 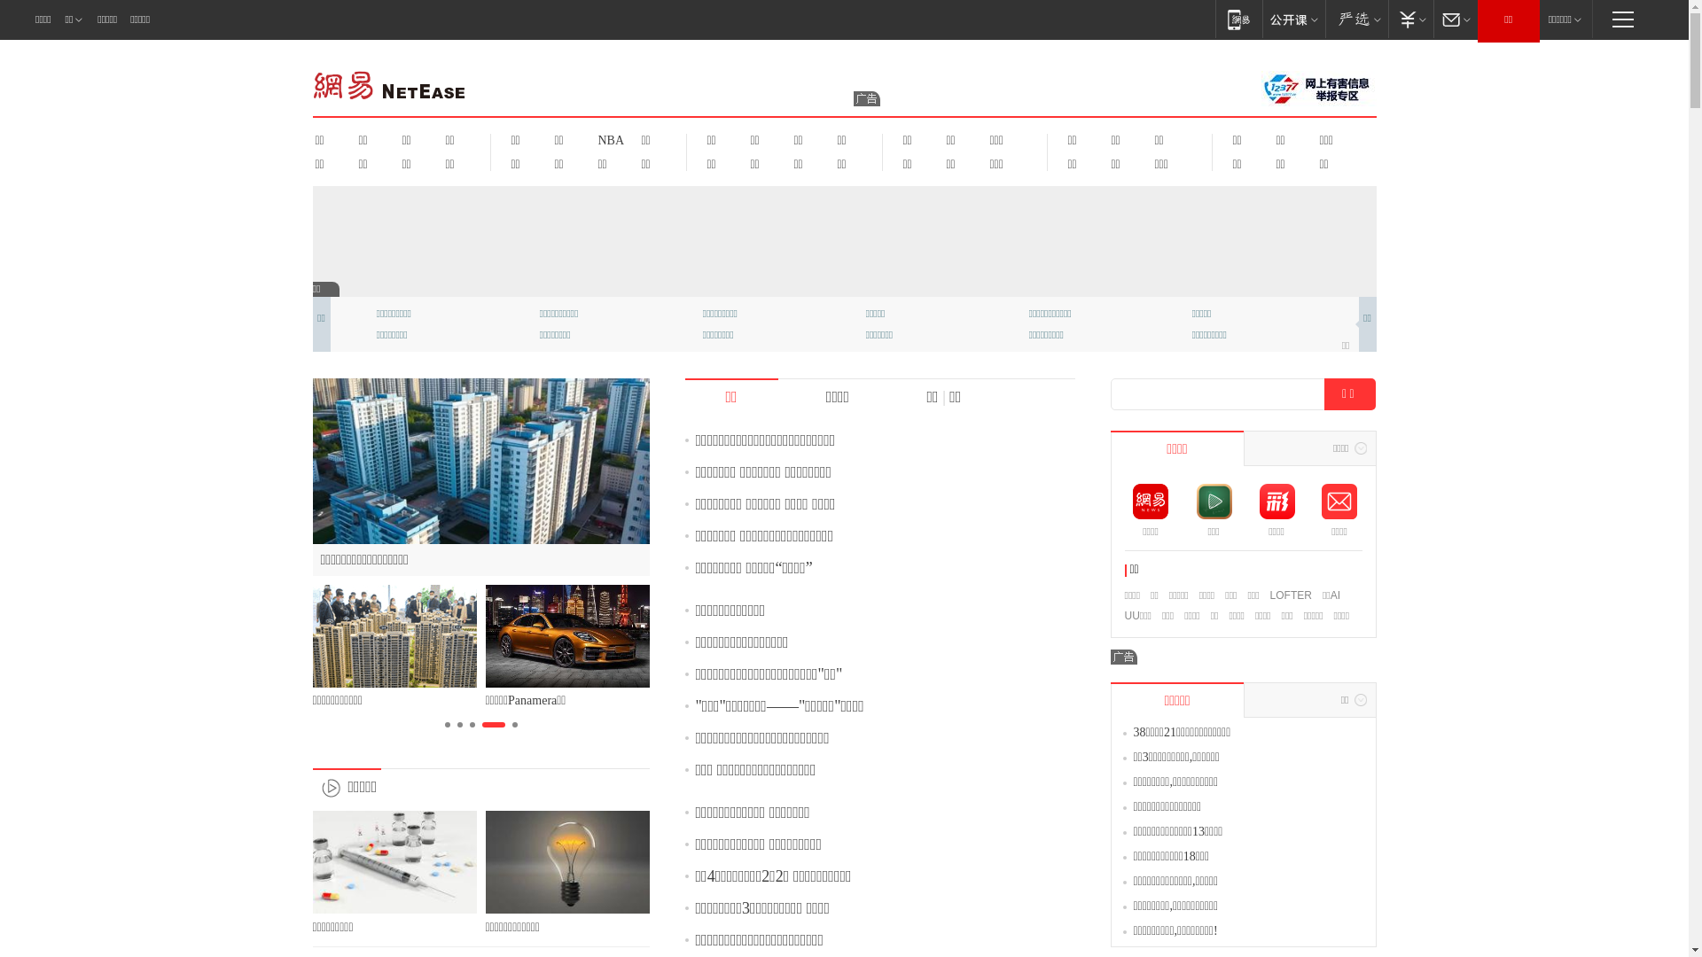 I want to click on 'LOFTER', so click(x=1269, y=595).